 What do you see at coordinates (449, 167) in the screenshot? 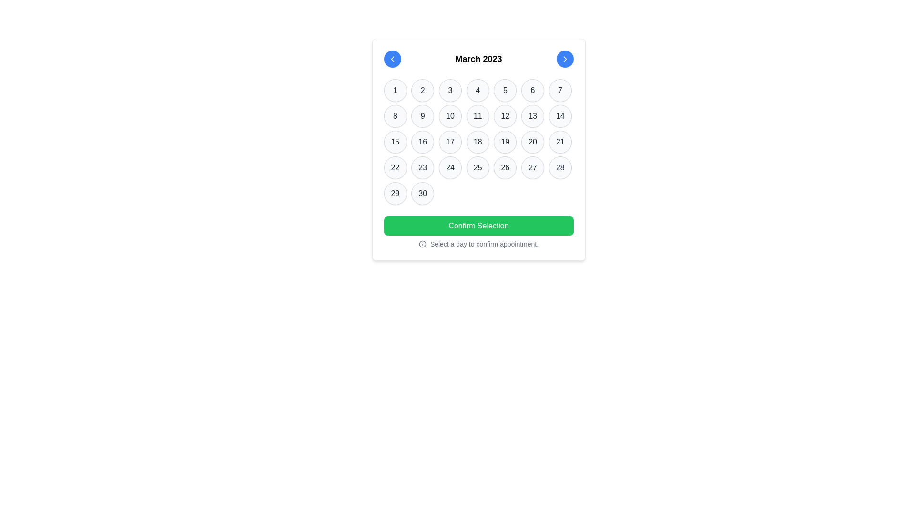
I see `the button representing the 24th day in the calendar` at bounding box center [449, 167].